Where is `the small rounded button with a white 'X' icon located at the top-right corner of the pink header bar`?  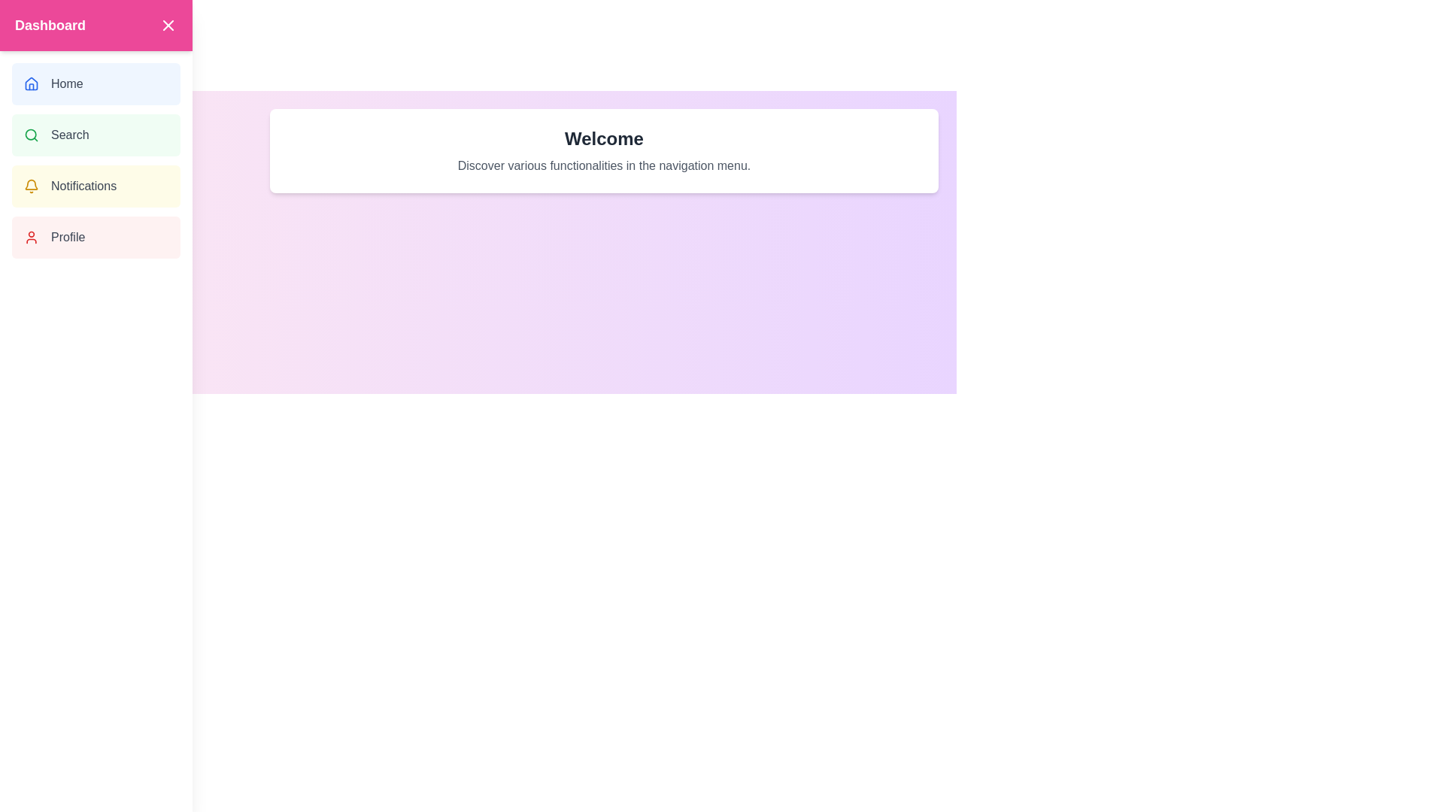 the small rounded button with a white 'X' icon located at the top-right corner of the pink header bar is located at coordinates (168, 26).